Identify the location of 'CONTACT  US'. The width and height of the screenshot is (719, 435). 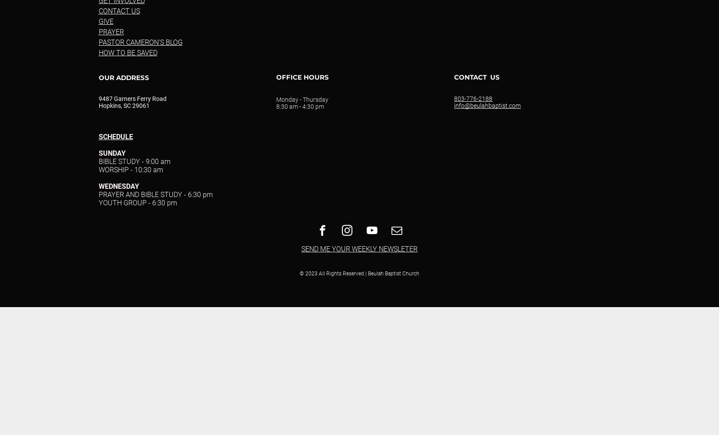
(477, 77).